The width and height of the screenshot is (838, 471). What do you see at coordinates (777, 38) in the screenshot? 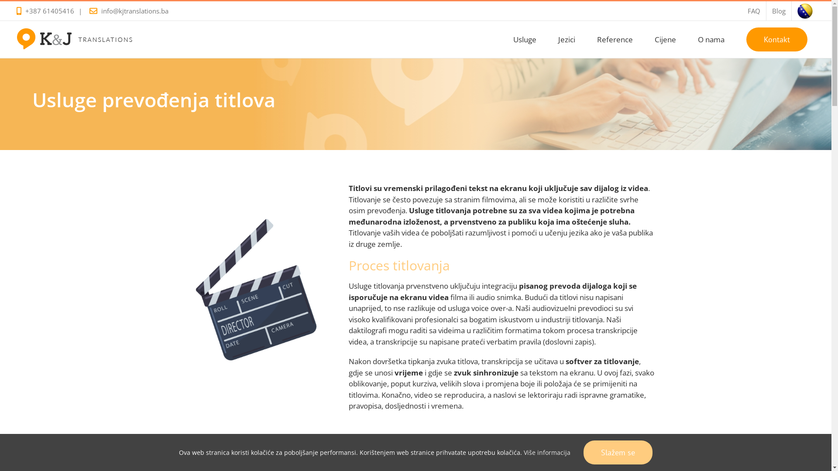
I see `'Kontakt'` at bounding box center [777, 38].